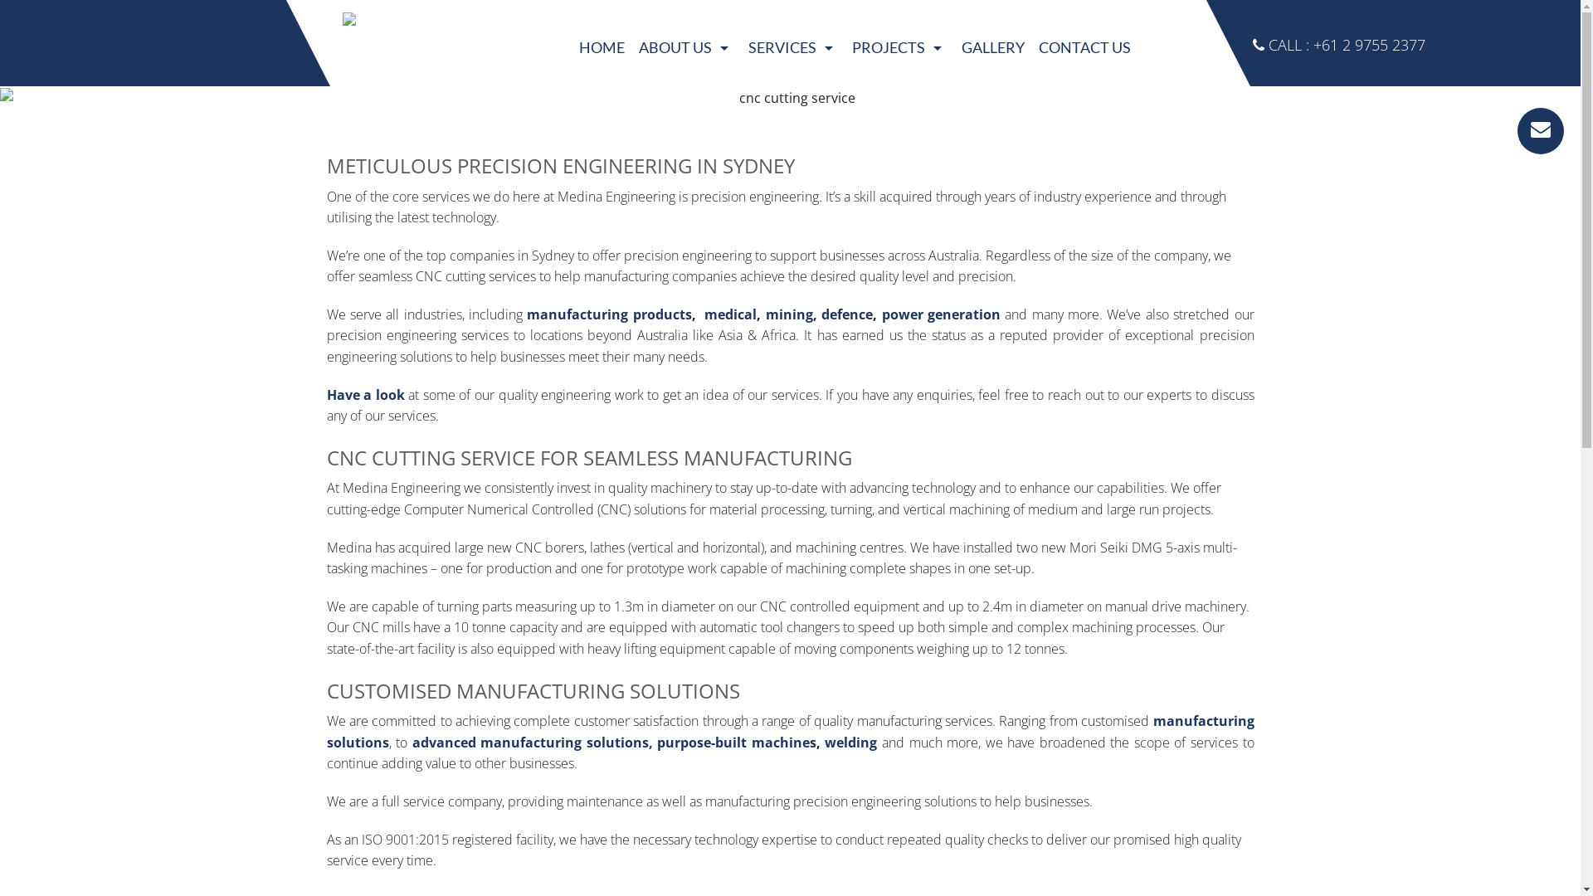  I want to click on 'BUILDING PRODUCTS', so click(845, 98).